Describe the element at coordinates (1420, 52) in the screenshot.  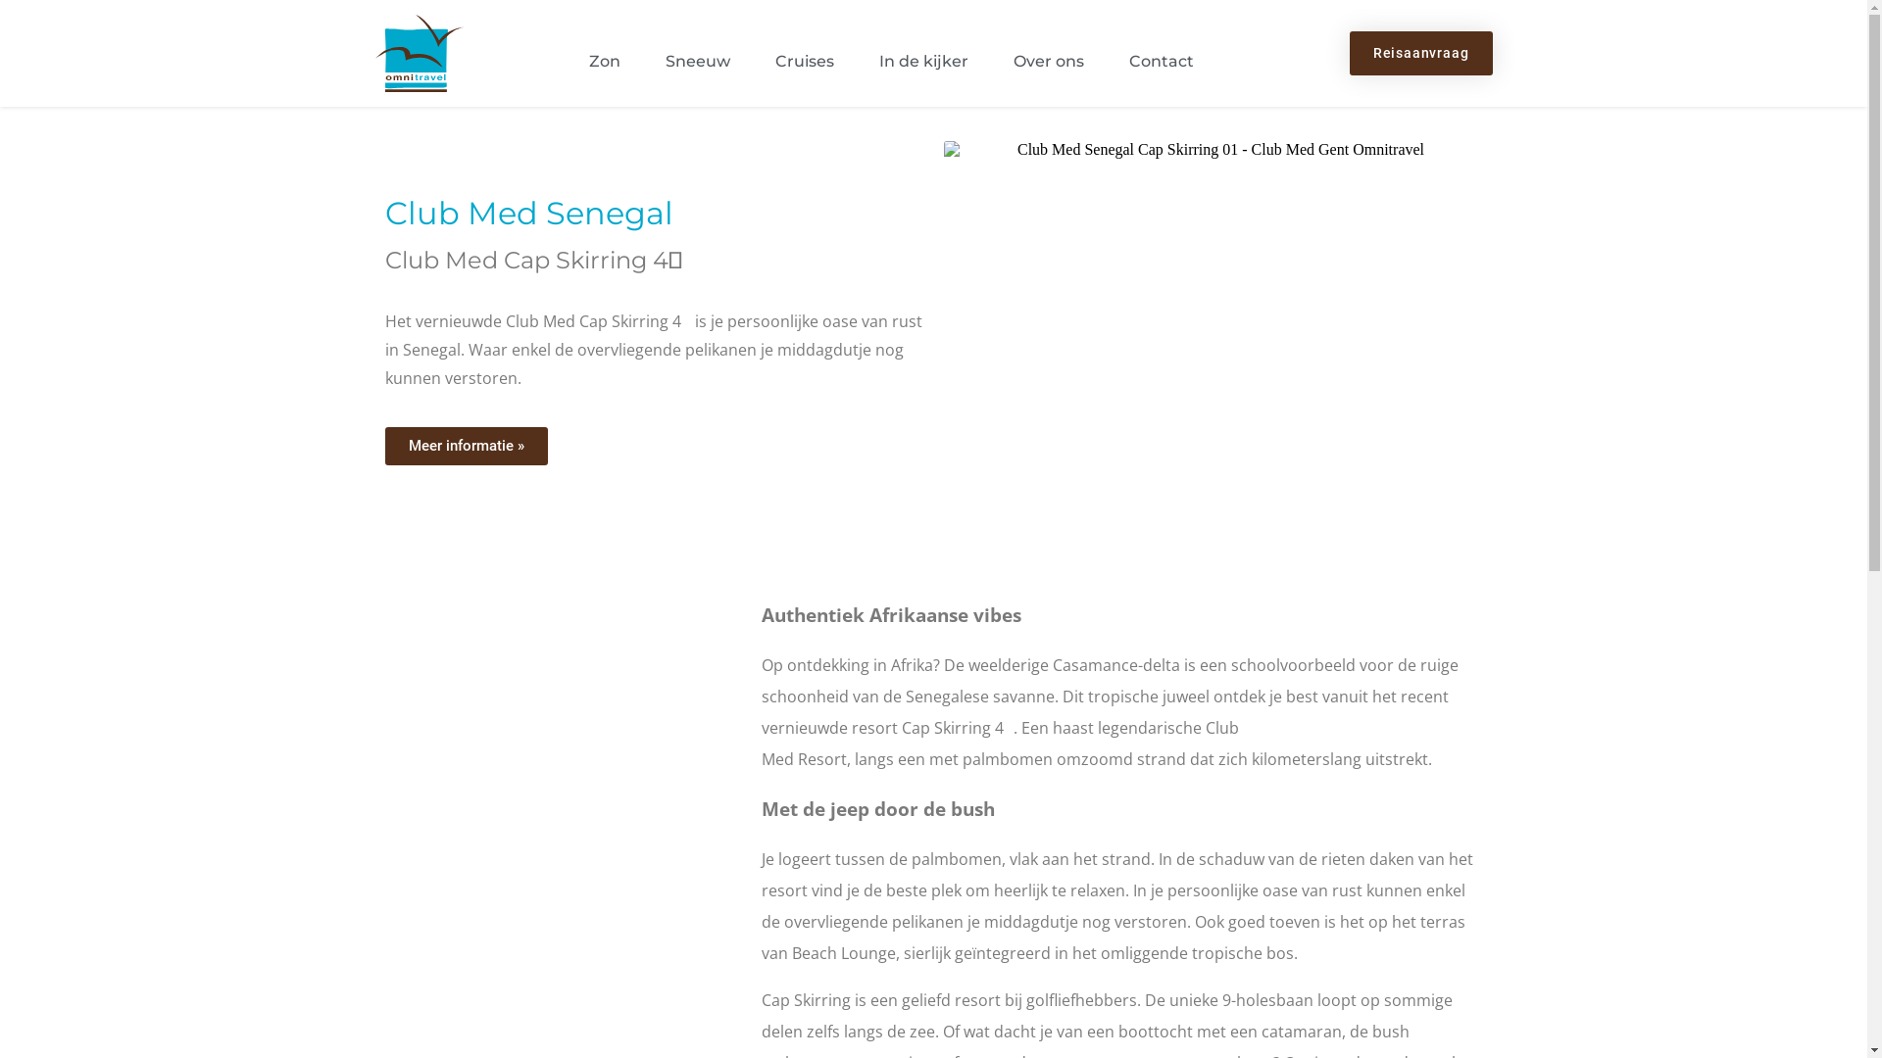
I see `'Reisaanvraag'` at that location.